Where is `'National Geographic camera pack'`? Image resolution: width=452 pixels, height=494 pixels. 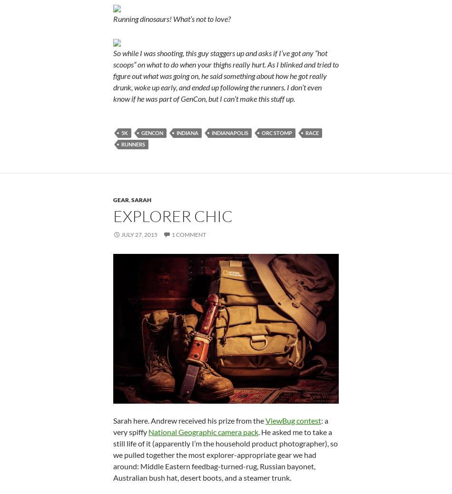
'National Geographic camera pack' is located at coordinates (147, 432).